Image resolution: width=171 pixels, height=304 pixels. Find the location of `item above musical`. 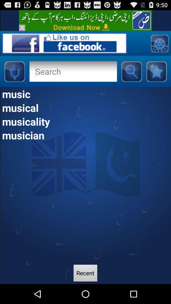

item above musical is located at coordinates (85, 93).